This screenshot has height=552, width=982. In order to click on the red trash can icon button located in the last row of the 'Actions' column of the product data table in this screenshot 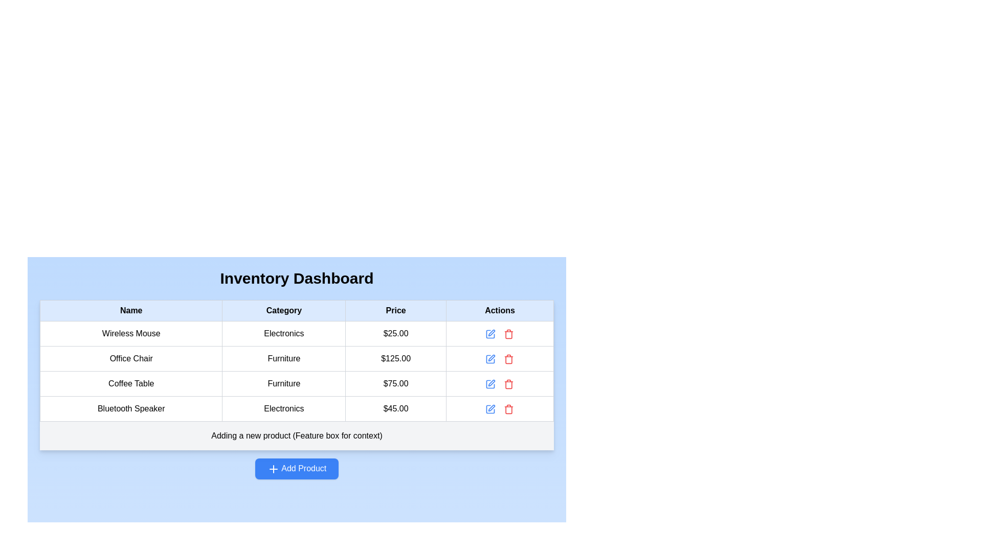, I will do `click(509, 408)`.